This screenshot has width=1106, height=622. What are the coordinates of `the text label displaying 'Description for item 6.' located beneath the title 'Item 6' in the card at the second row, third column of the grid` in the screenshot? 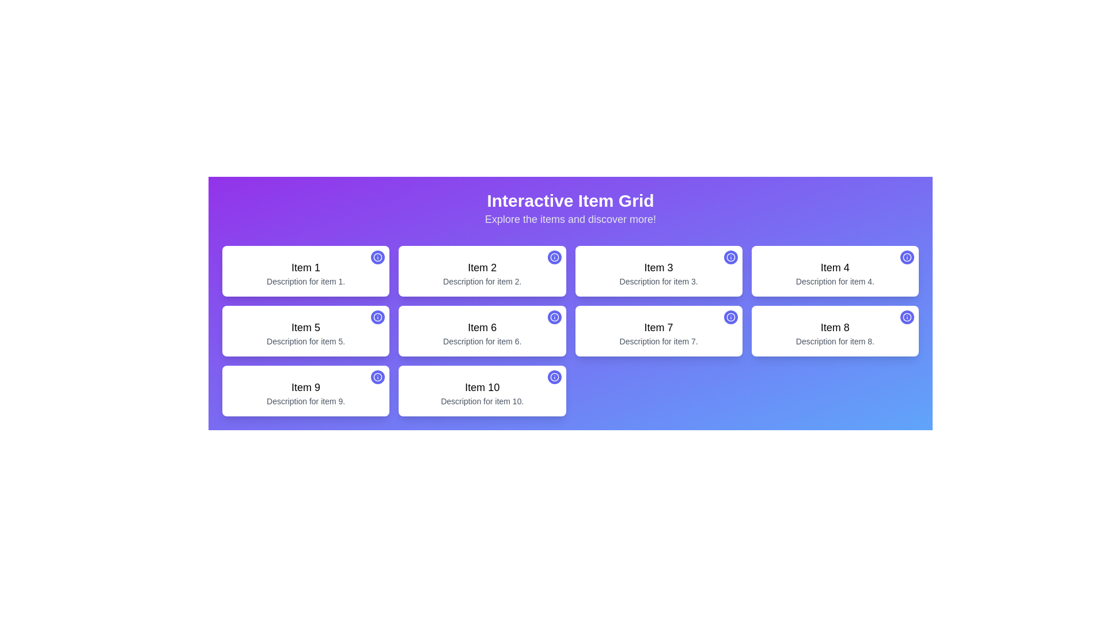 It's located at (482, 341).